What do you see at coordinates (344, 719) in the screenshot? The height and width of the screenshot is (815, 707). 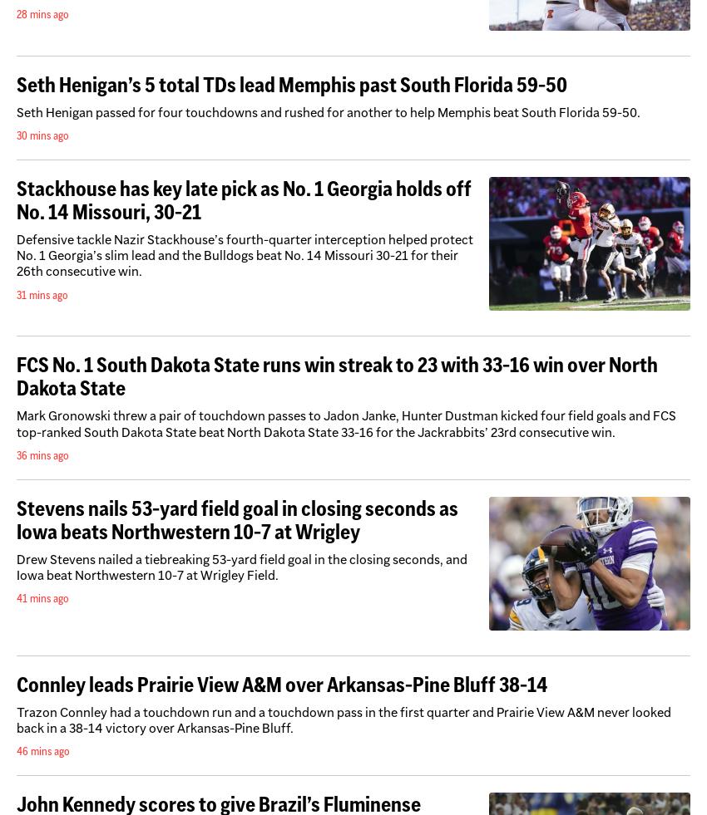 I see `'Trazon Connley had a touchdown run and a touchdown pass in the first quarter and Prairie View A&M never looked back in a 38-14 victory over Arkansas-Pine Bluff.'` at bounding box center [344, 719].